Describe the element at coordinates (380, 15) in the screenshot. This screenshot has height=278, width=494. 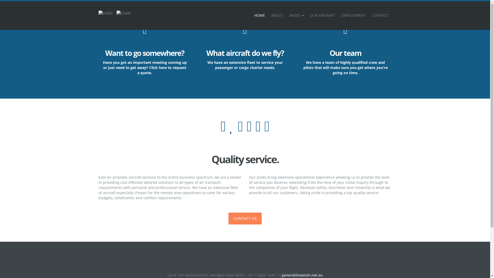
I see `'CONTACT'` at that location.